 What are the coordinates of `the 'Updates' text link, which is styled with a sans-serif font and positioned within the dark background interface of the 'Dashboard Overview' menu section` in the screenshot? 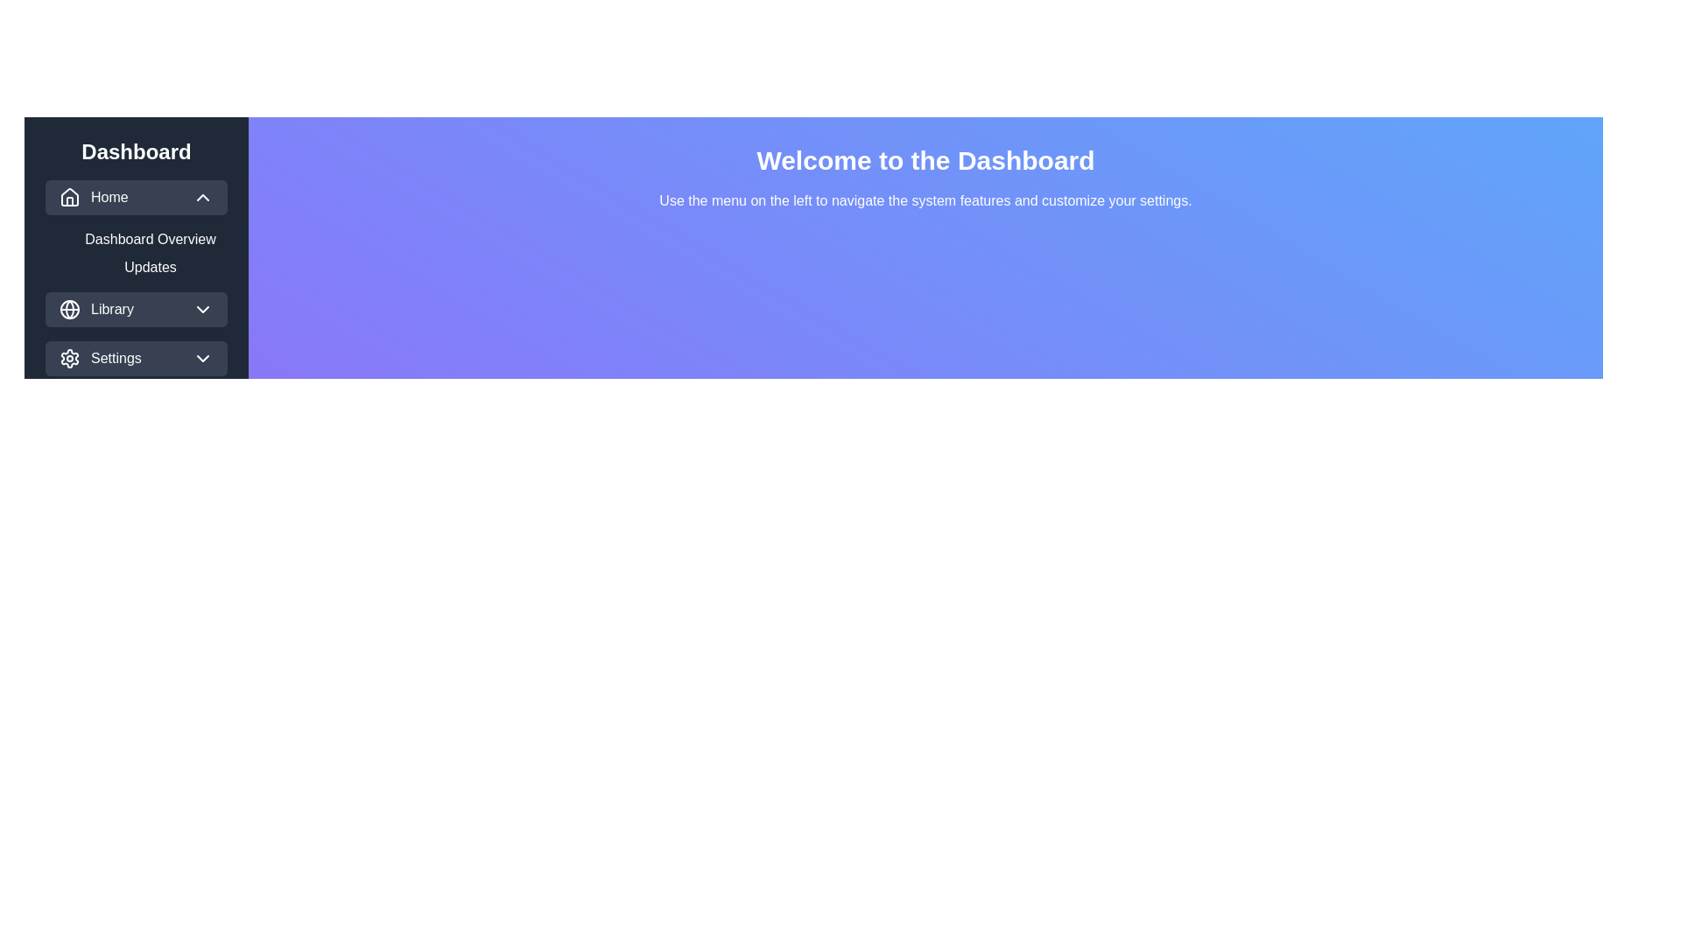 It's located at (151, 267).